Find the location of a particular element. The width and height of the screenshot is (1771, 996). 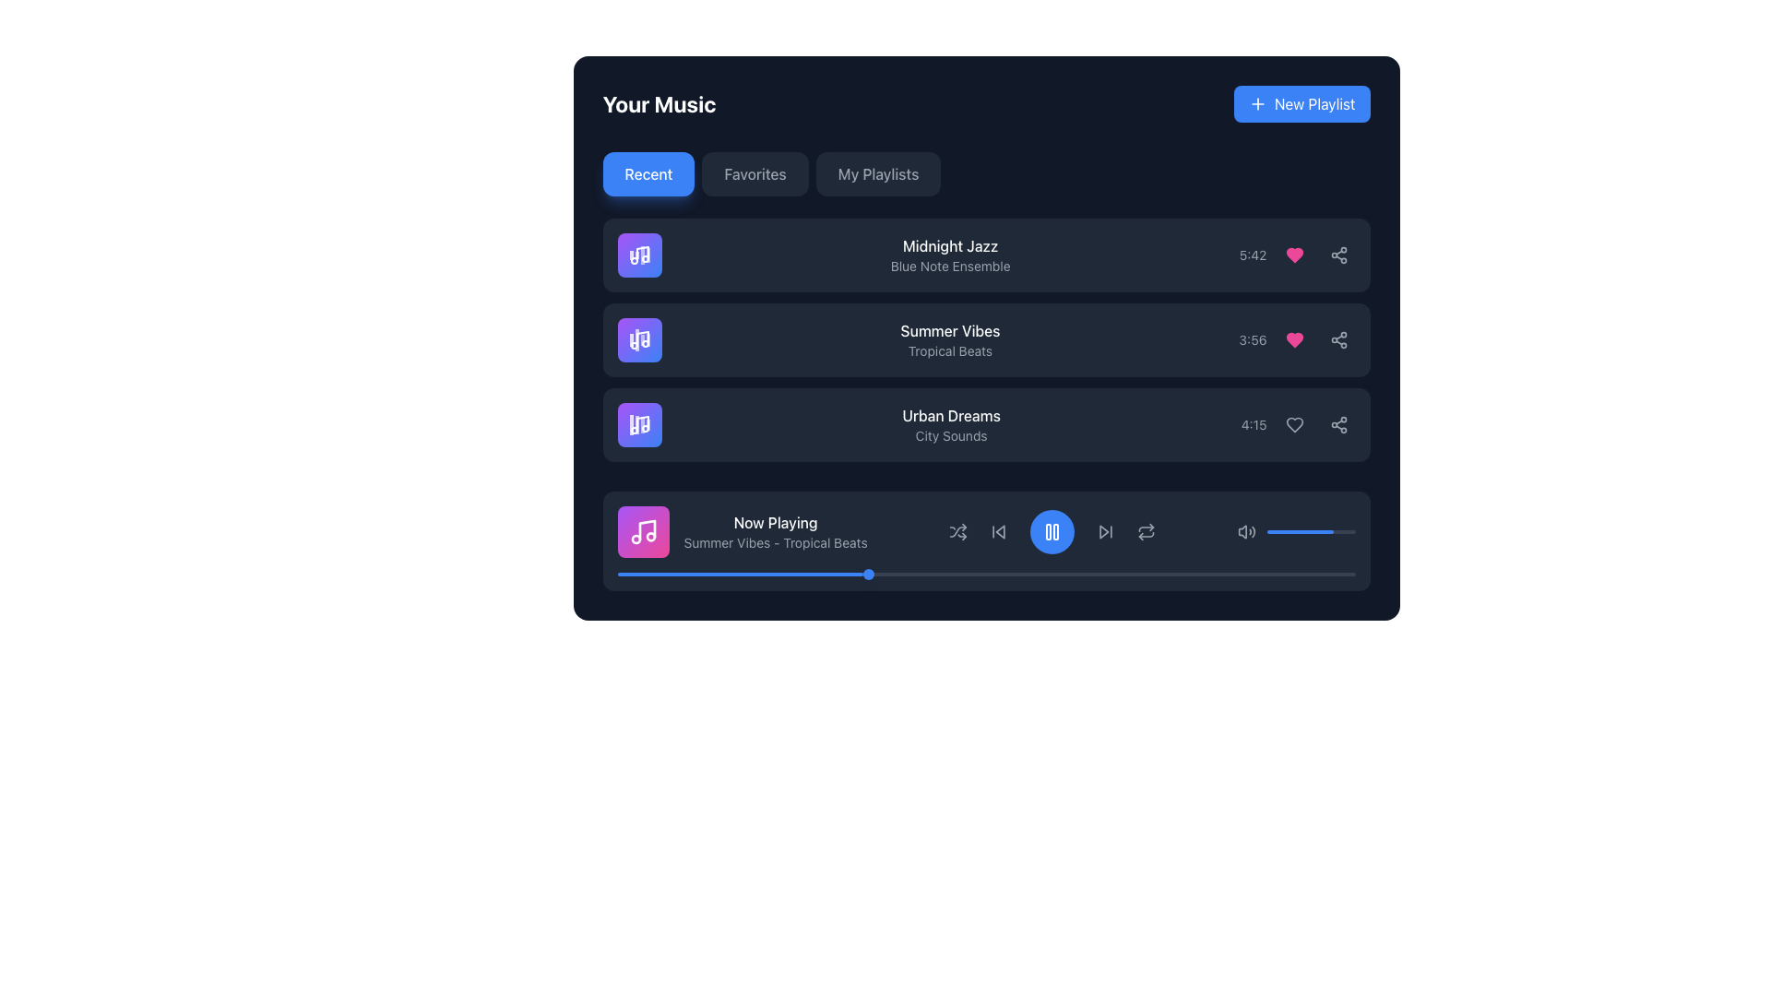

the 'Recent' button located at the top-left section of the interface is located at coordinates (648, 174).